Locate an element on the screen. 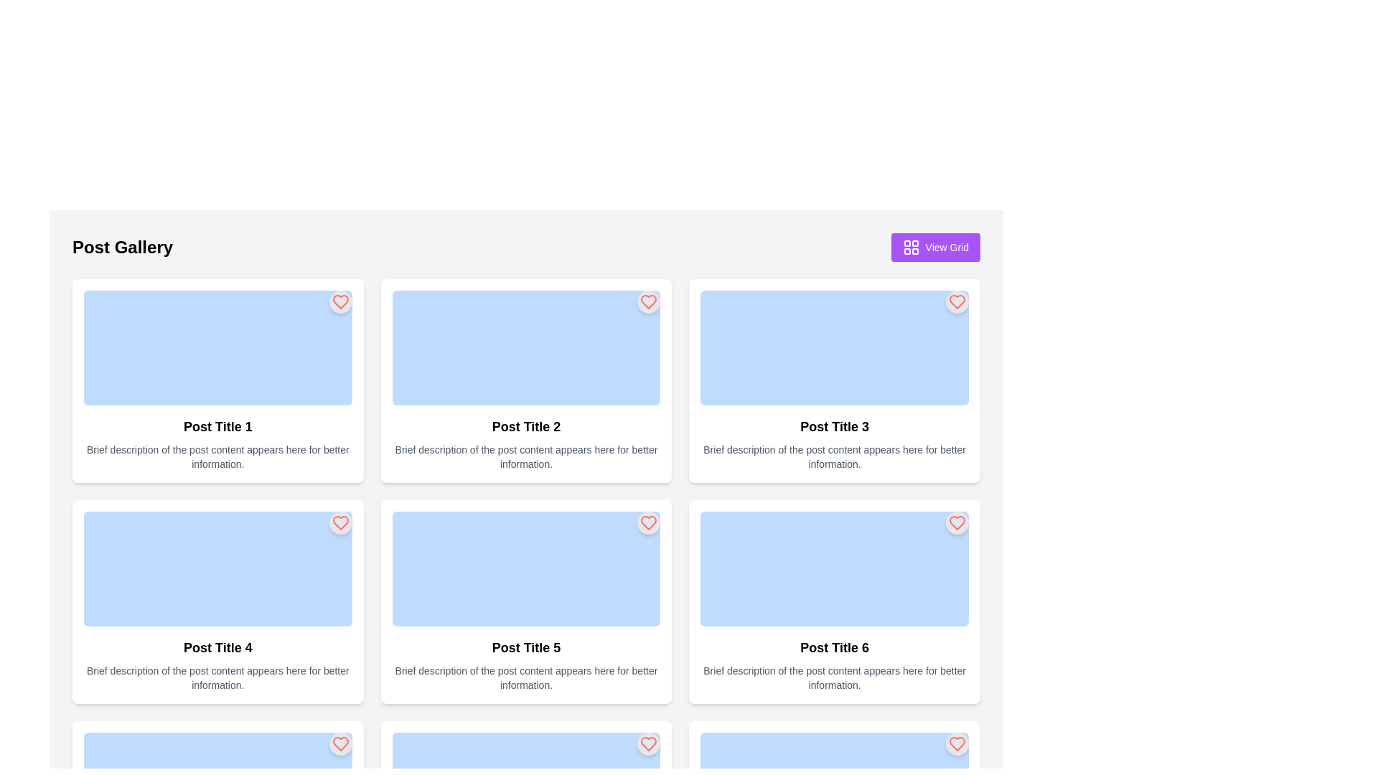 The image size is (1378, 775). the 'View Grid' button which contains the icon representing the 'View Grid' feature, located in the top-right corner of the layout is located at coordinates (910, 246).